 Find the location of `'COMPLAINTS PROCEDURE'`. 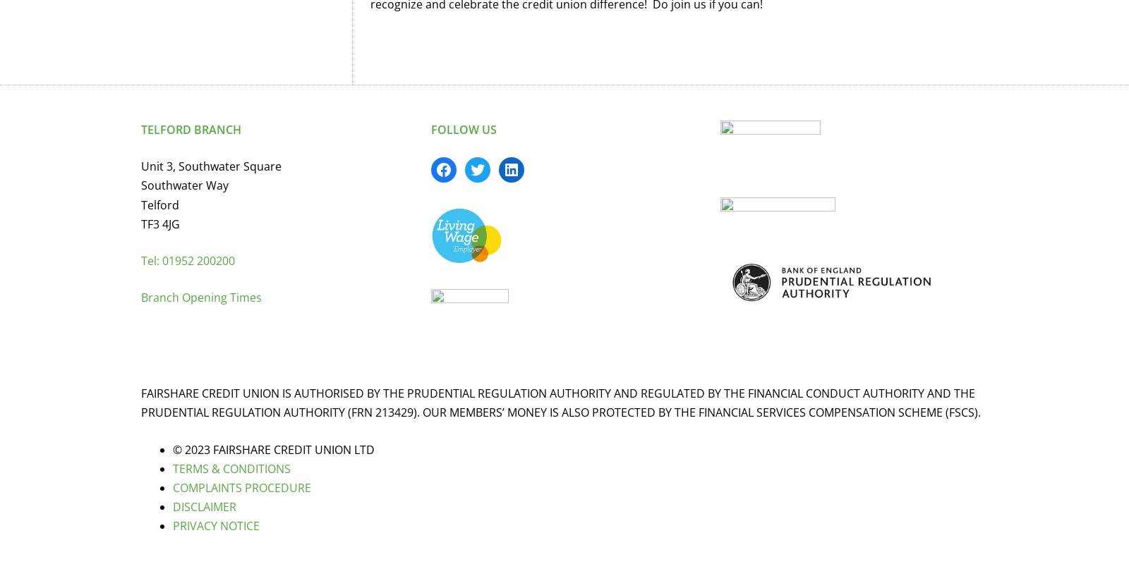

'COMPLAINTS PROCEDURE' is located at coordinates (172, 486).